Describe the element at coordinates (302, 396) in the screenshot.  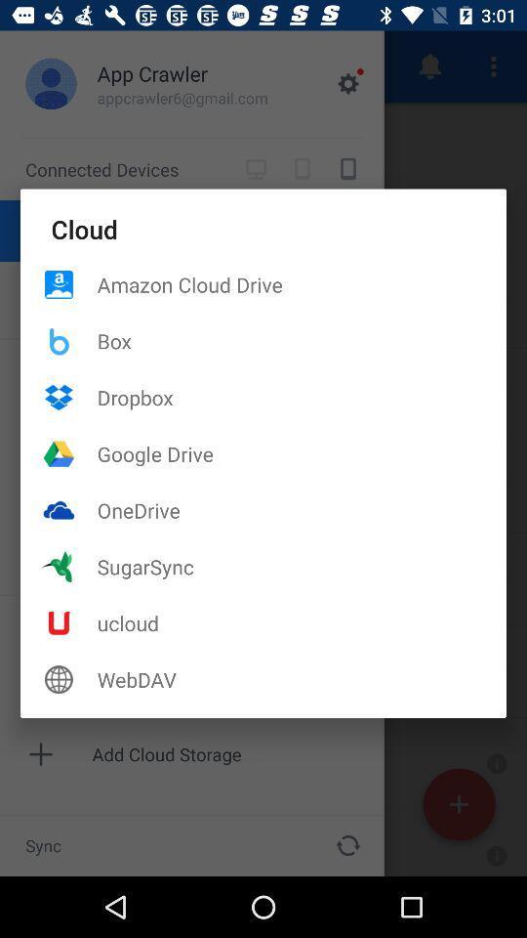
I see `dropbox icon` at that location.